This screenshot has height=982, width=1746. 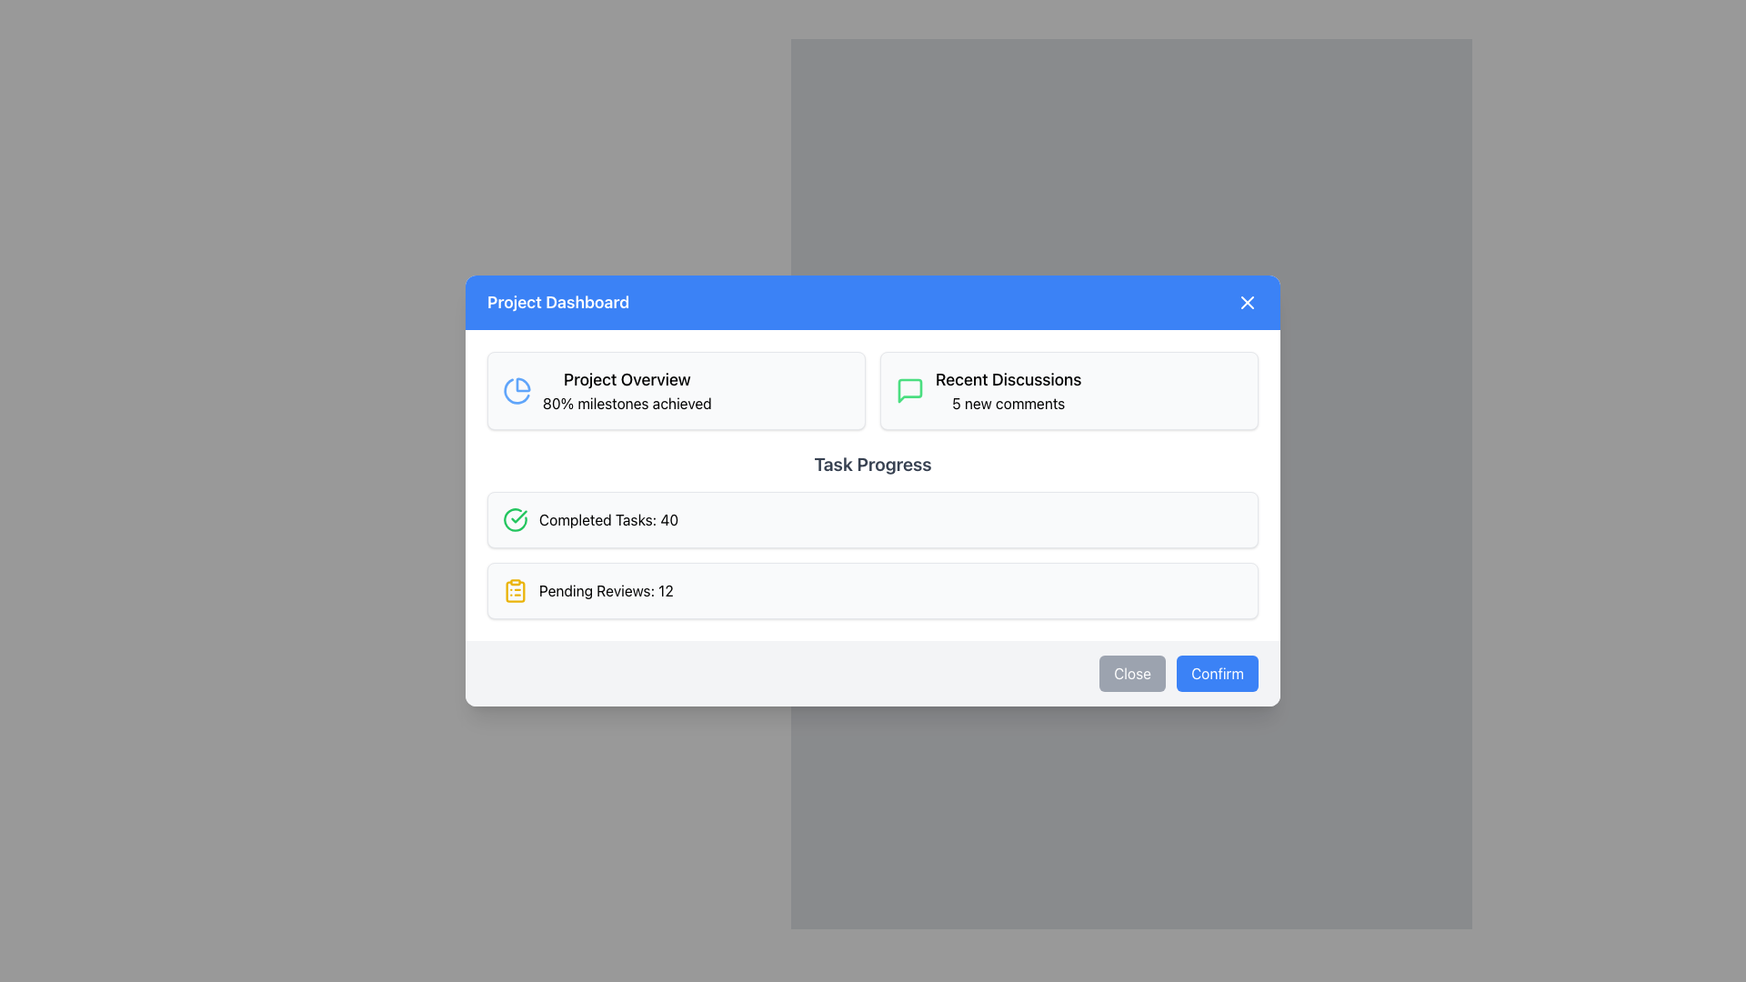 What do you see at coordinates (873, 463) in the screenshot?
I see `the title text indicating task progress, located below the 'Project Dashboard' header` at bounding box center [873, 463].